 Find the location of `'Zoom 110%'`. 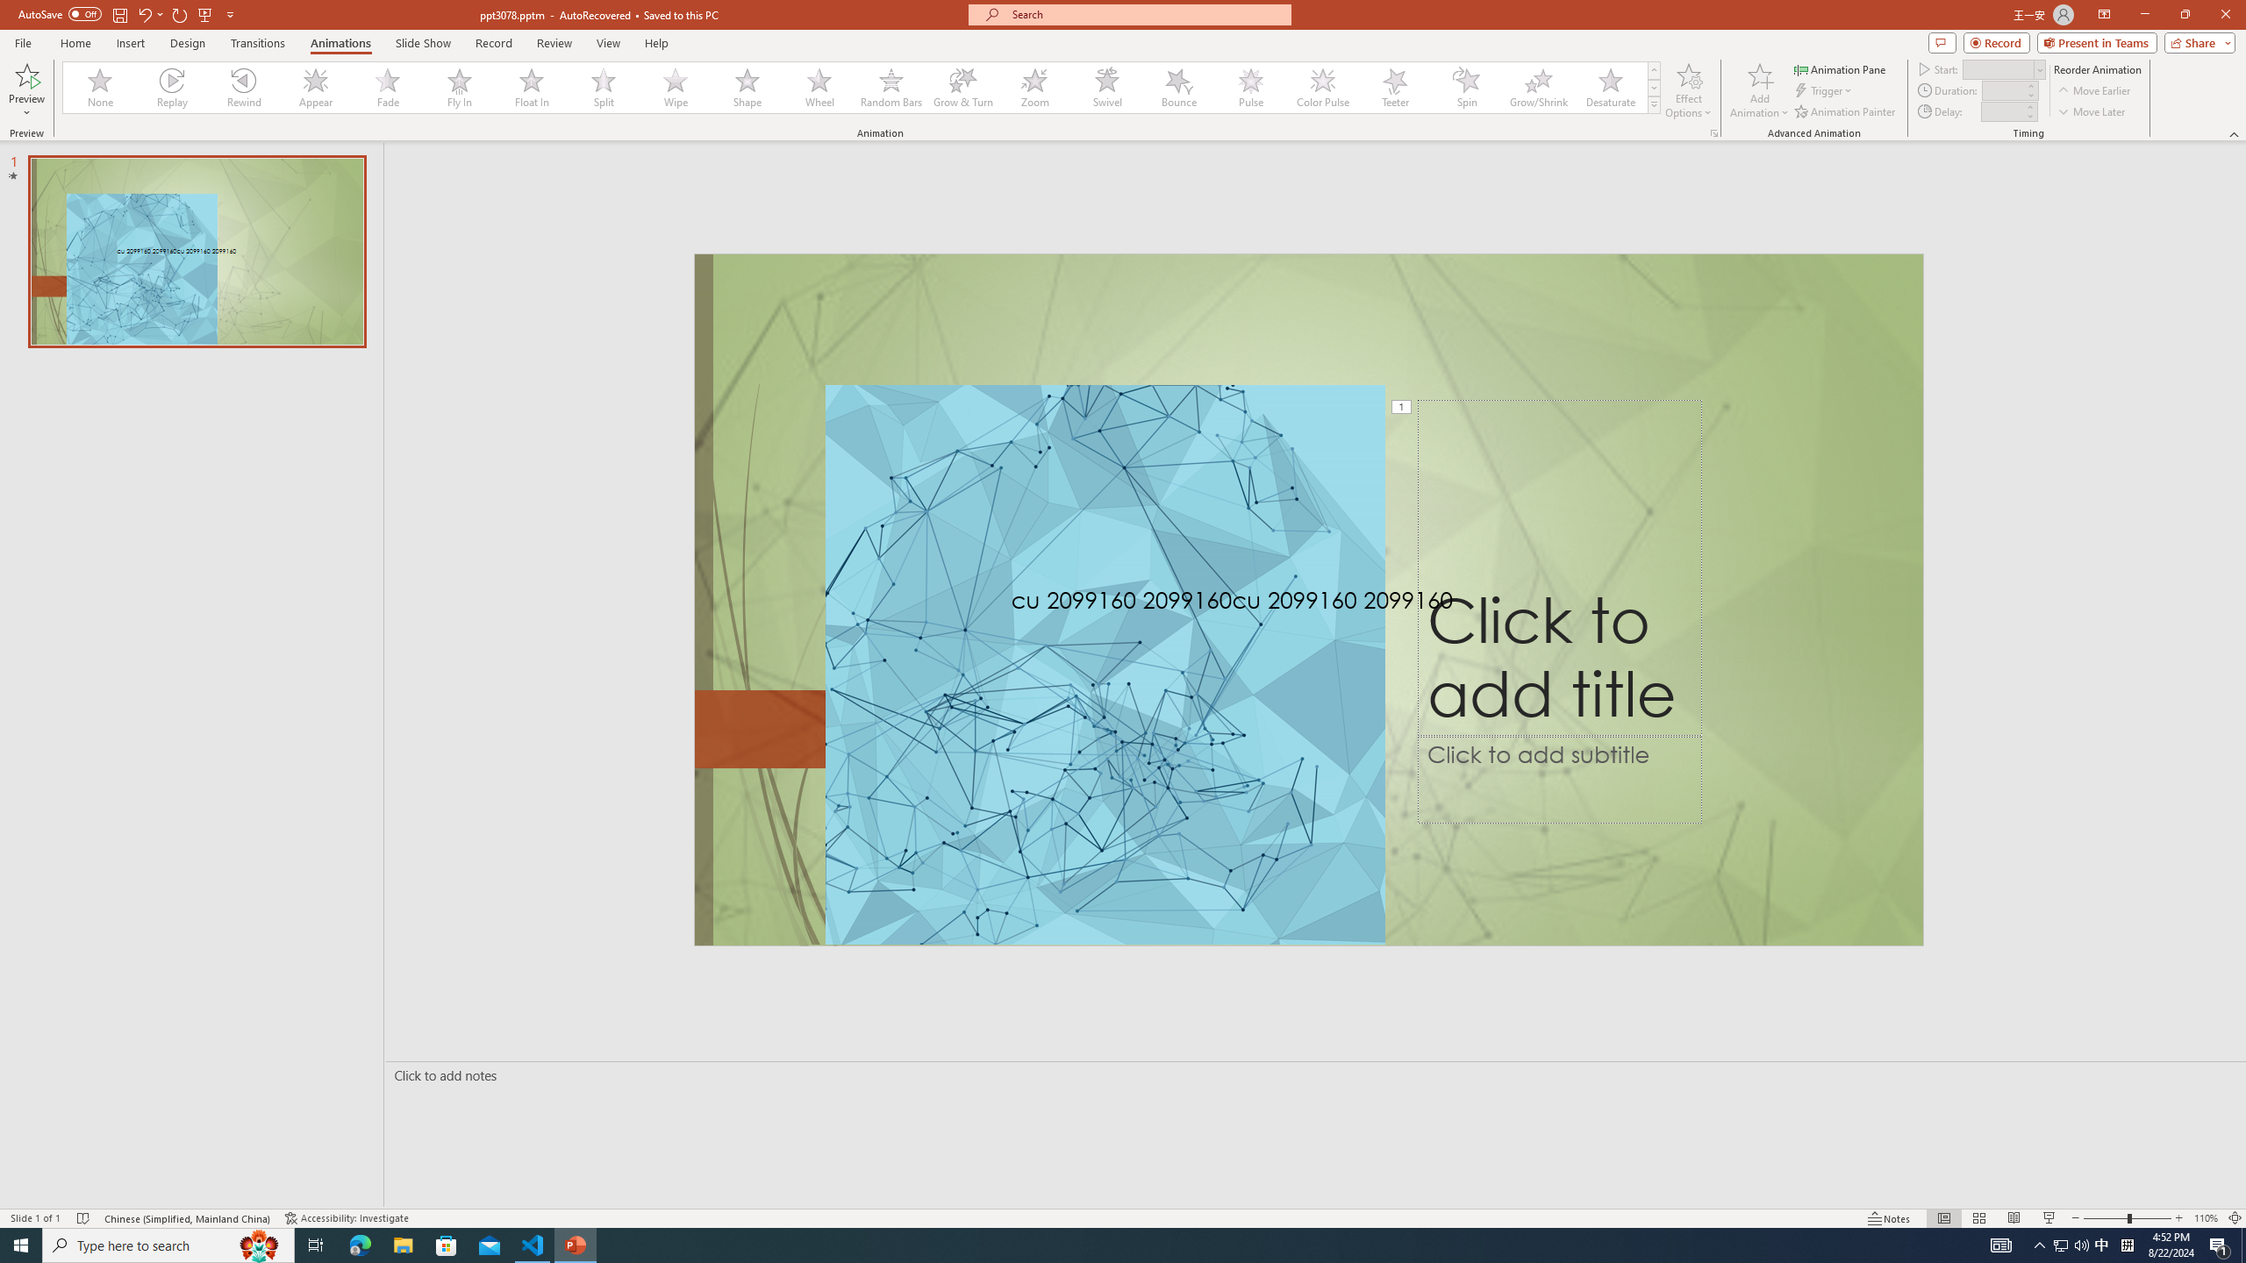

'Zoom 110%' is located at coordinates (2207, 1218).